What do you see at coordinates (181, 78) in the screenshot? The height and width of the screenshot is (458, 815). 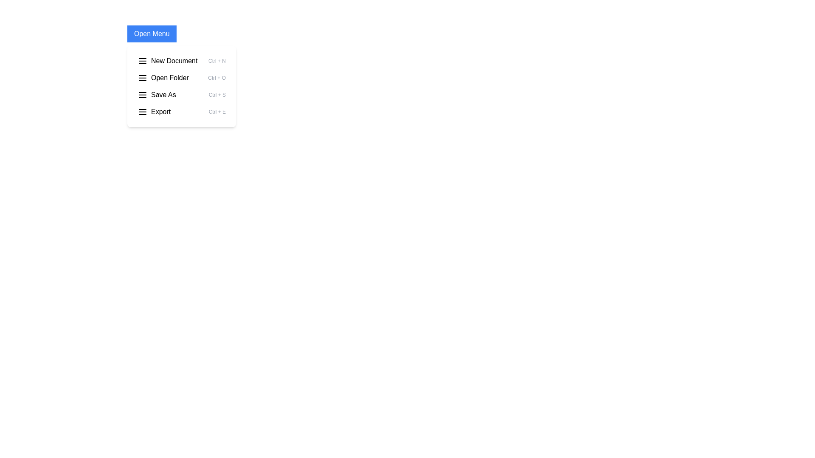 I see `the second menu option for opening a folder, located below 'New Document' and above 'Save As', to trigger the hover effect` at bounding box center [181, 78].